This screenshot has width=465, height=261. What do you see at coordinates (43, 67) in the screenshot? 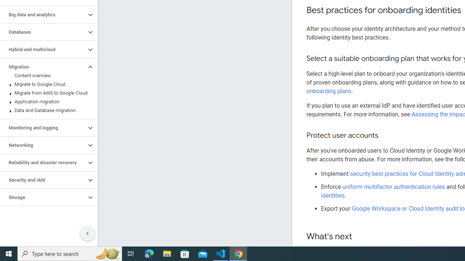
I see `'Migration'` at bounding box center [43, 67].